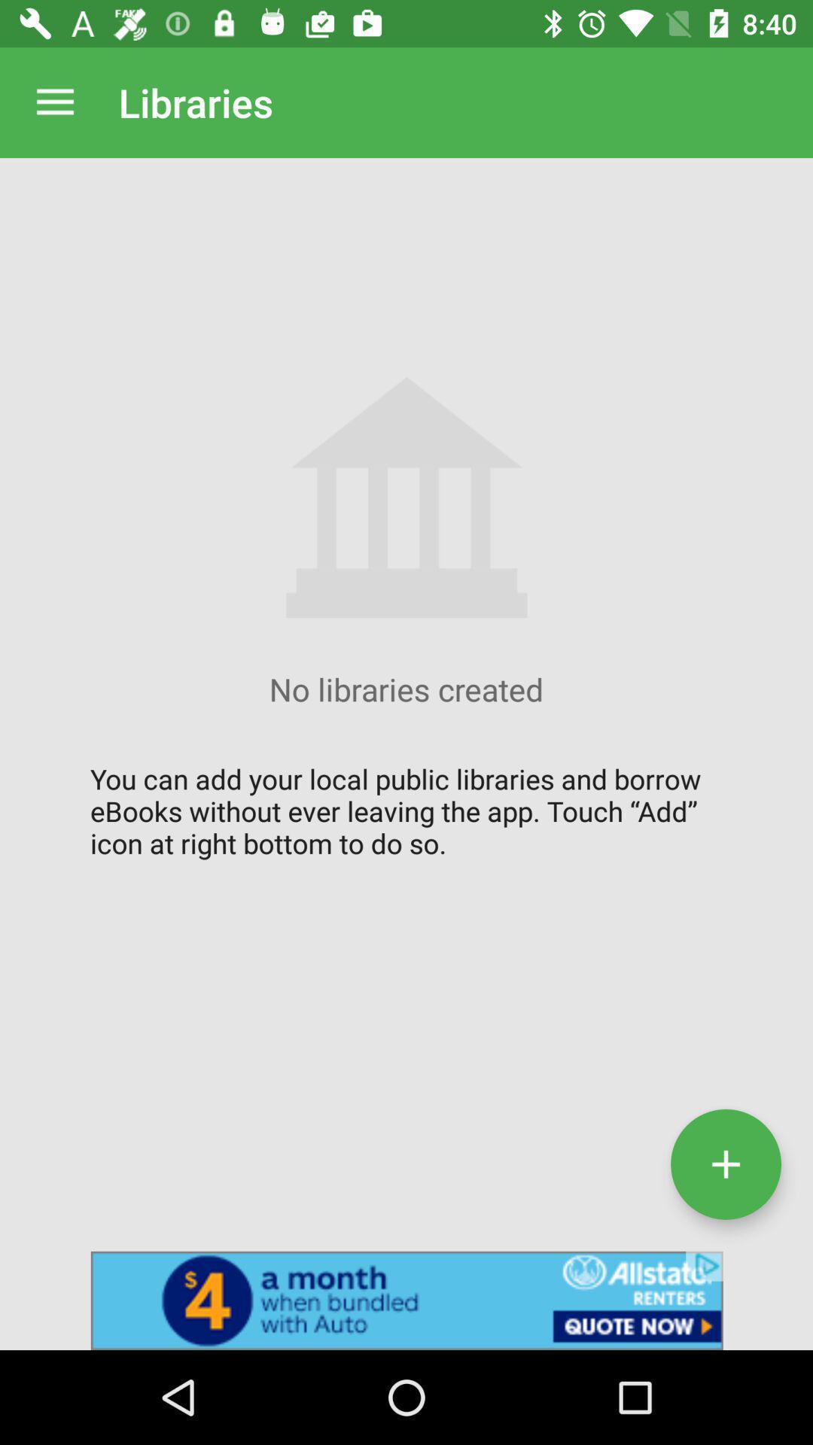 The height and width of the screenshot is (1445, 813). Describe the element at coordinates (725, 1164) in the screenshot. I see `the add icon` at that location.